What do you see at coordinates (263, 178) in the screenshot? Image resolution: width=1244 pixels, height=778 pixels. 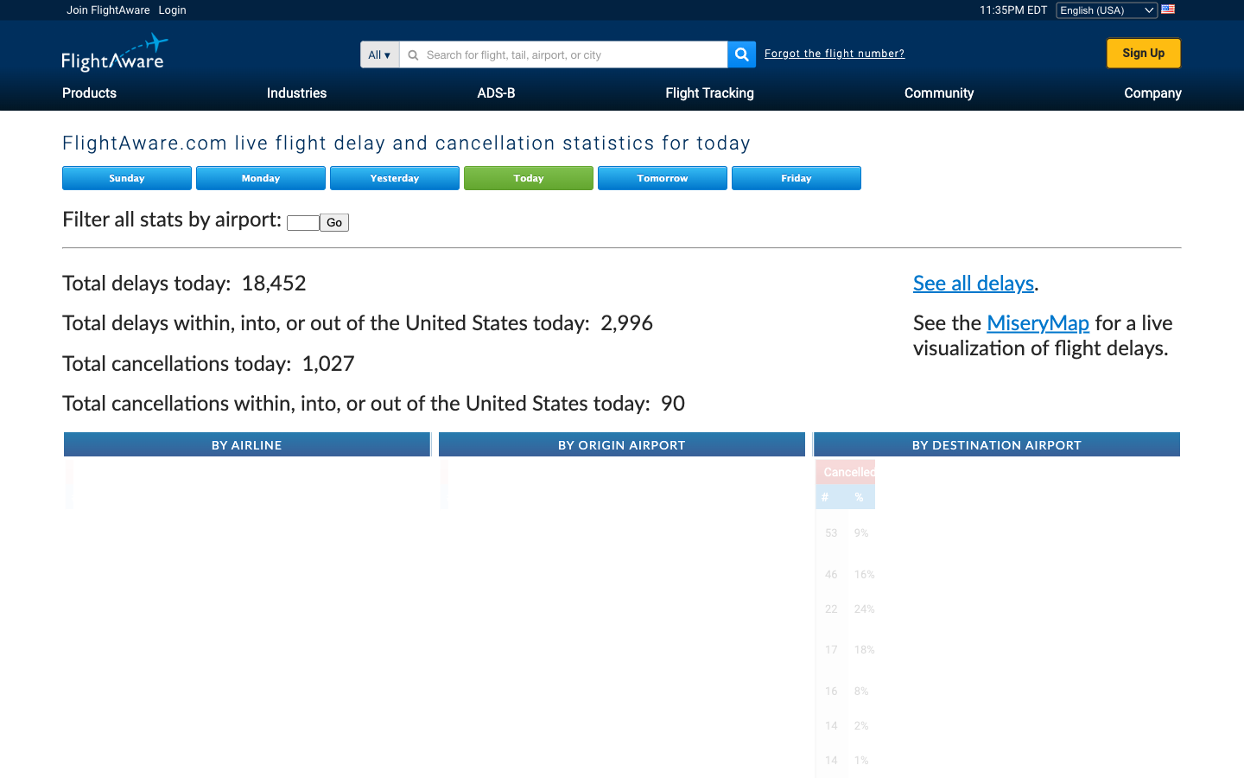 I see `Obtain Monday"s live flight delay and cancellation data from Flight Aware` at bounding box center [263, 178].